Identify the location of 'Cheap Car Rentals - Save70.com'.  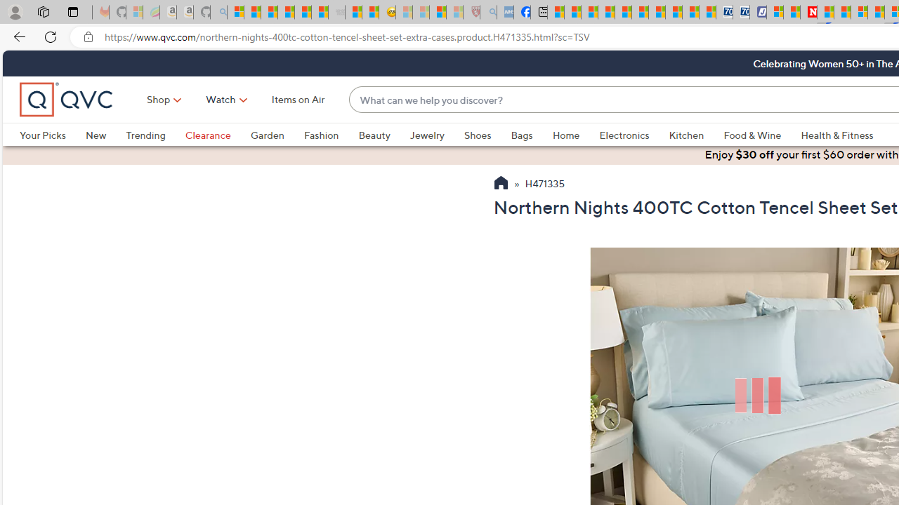
(724, 12).